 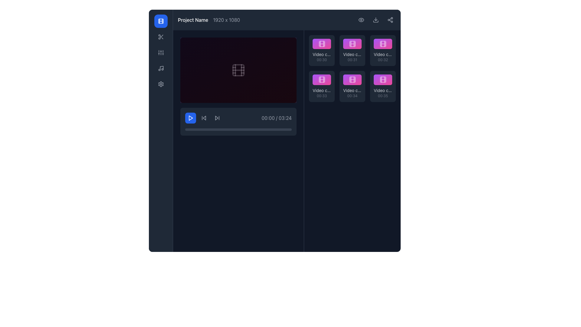 What do you see at coordinates (382, 79) in the screenshot?
I see `the icon in the bottom-right tile of the video clips grid to initiate an action related to the video clip labeled '00:35'` at bounding box center [382, 79].